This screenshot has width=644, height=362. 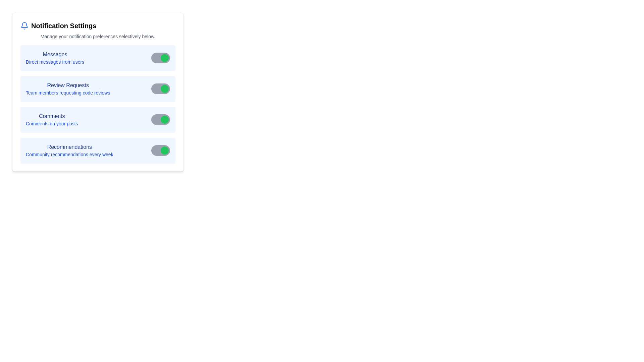 I want to click on the notification settings icon located adjacent to the 'Notification Settings' header in the top-left corner of the interface, so click(x=24, y=24).